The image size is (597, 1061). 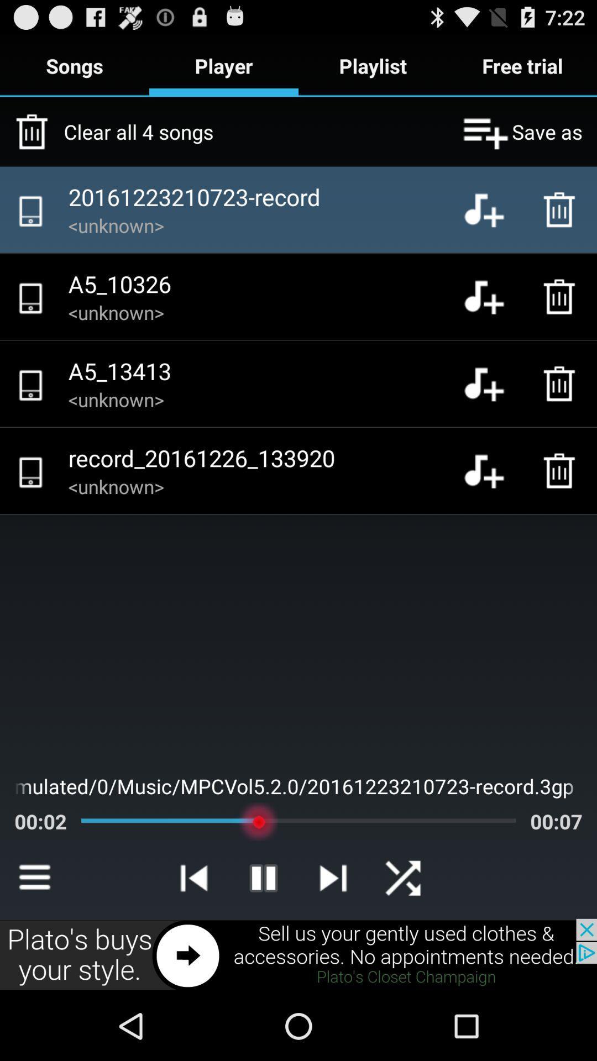 What do you see at coordinates (562, 297) in the screenshot?
I see `delete` at bounding box center [562, 297].